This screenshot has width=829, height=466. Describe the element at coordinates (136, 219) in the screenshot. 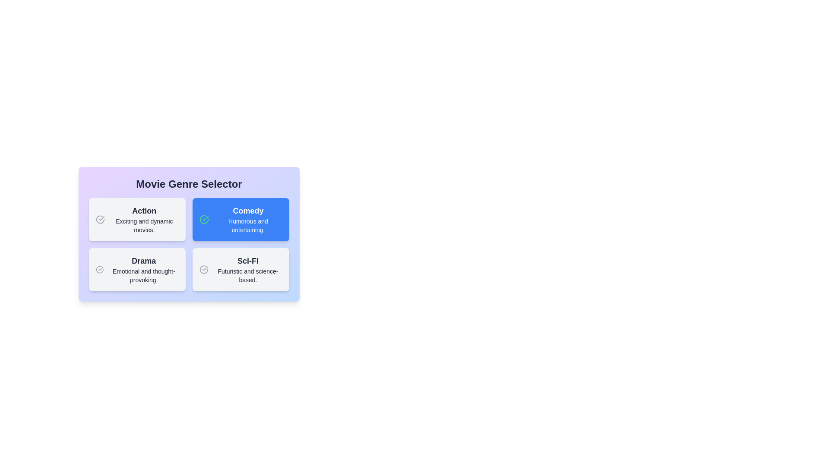

I see `the description of the genre Action and read its text` at that location.